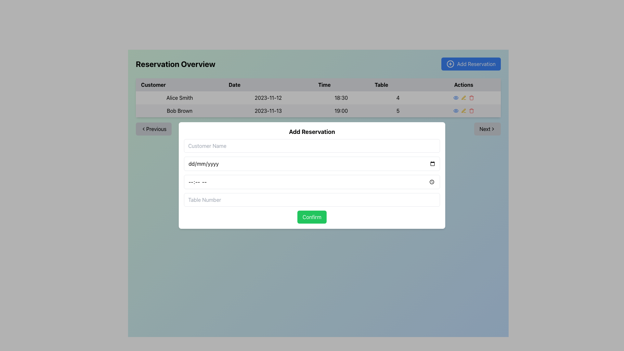 This screenshot has width=624, height=351. What do you see at coordinates (463, 97) in the screenshot?
I see `the yellow pencil icon button located within the action column of the table to initiate an action` at bounding box center [463, 97].